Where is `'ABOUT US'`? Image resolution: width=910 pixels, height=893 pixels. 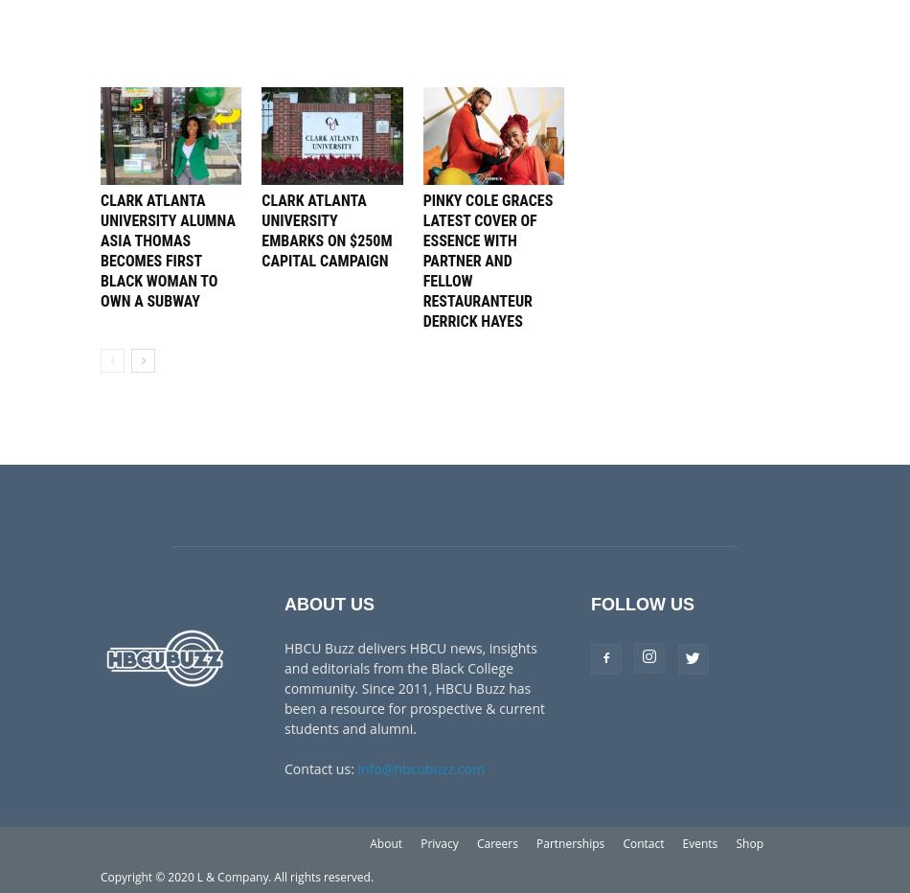
'ABOUT US' is located at coordinates (283, 603).